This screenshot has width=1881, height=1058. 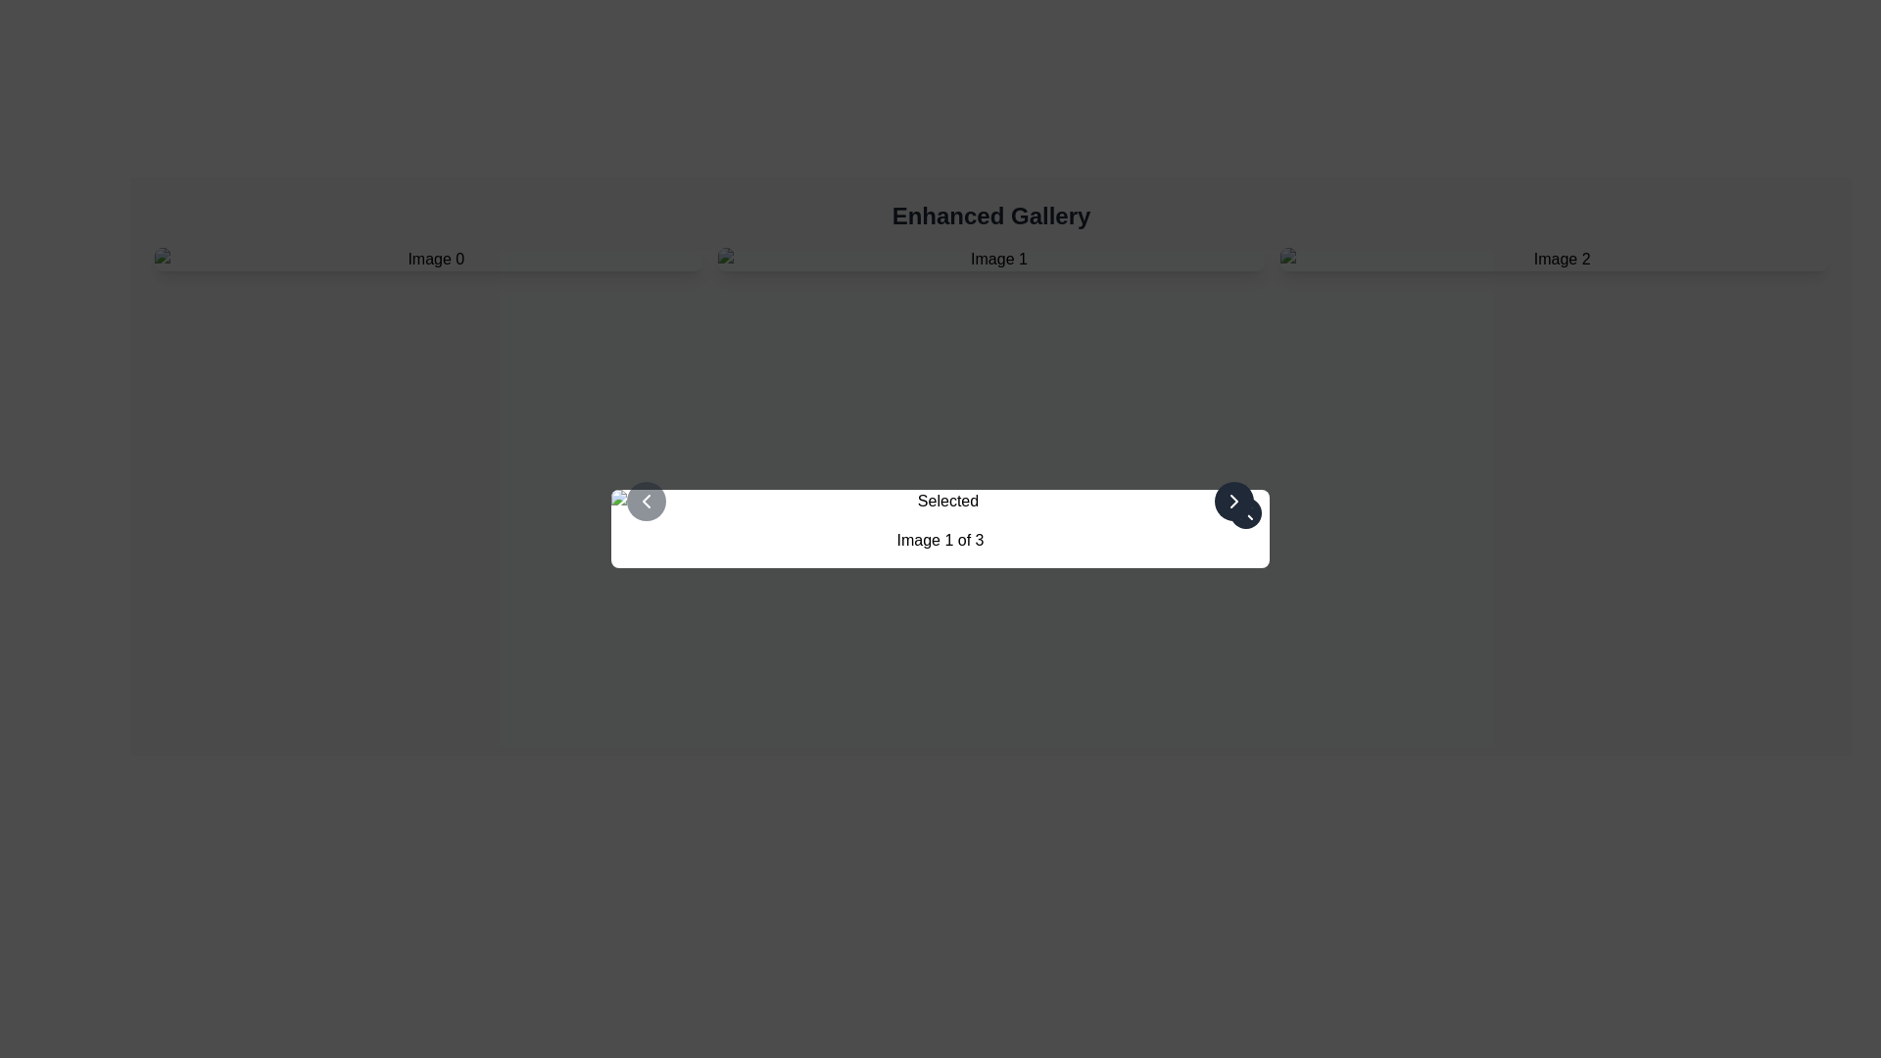 I want to click on the circular navigation button with a dark gray background and white arrow icon, so click(x=1232, y=501).